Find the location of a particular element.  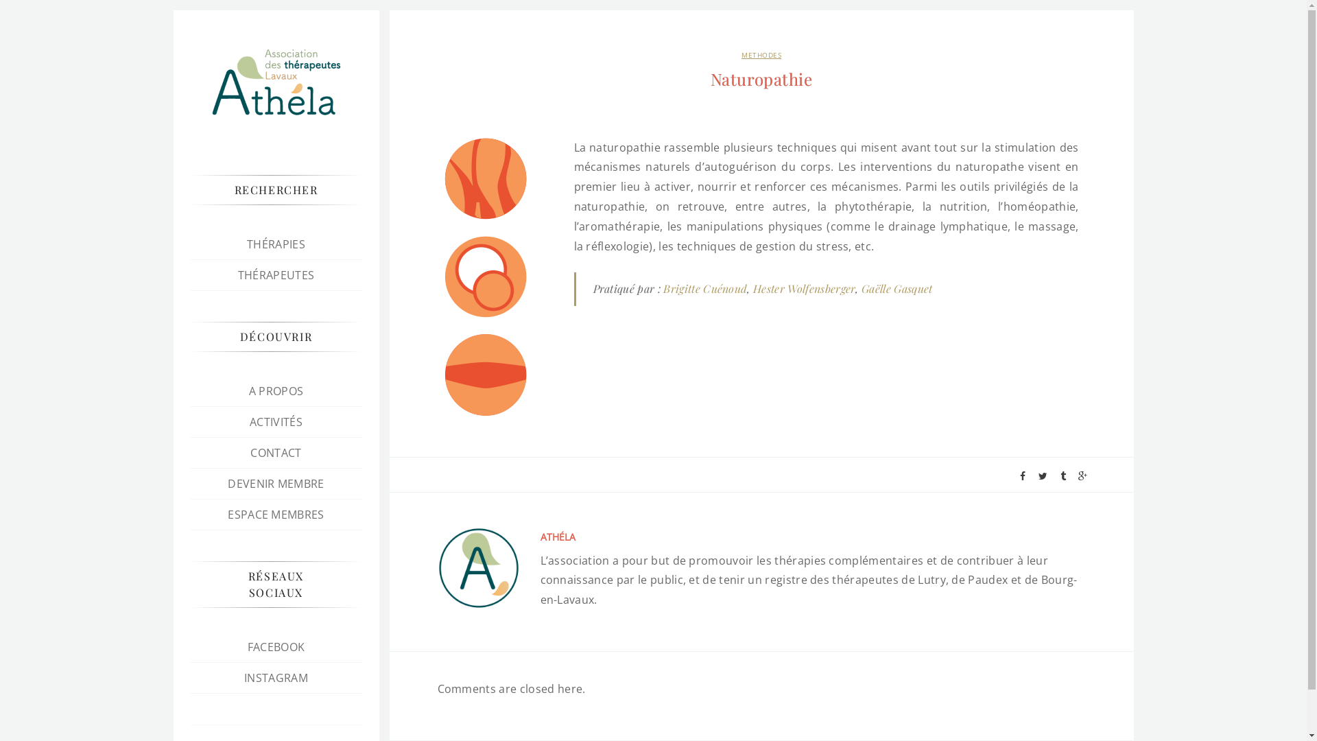

'Plantes' is located at coordinates (486, 178).